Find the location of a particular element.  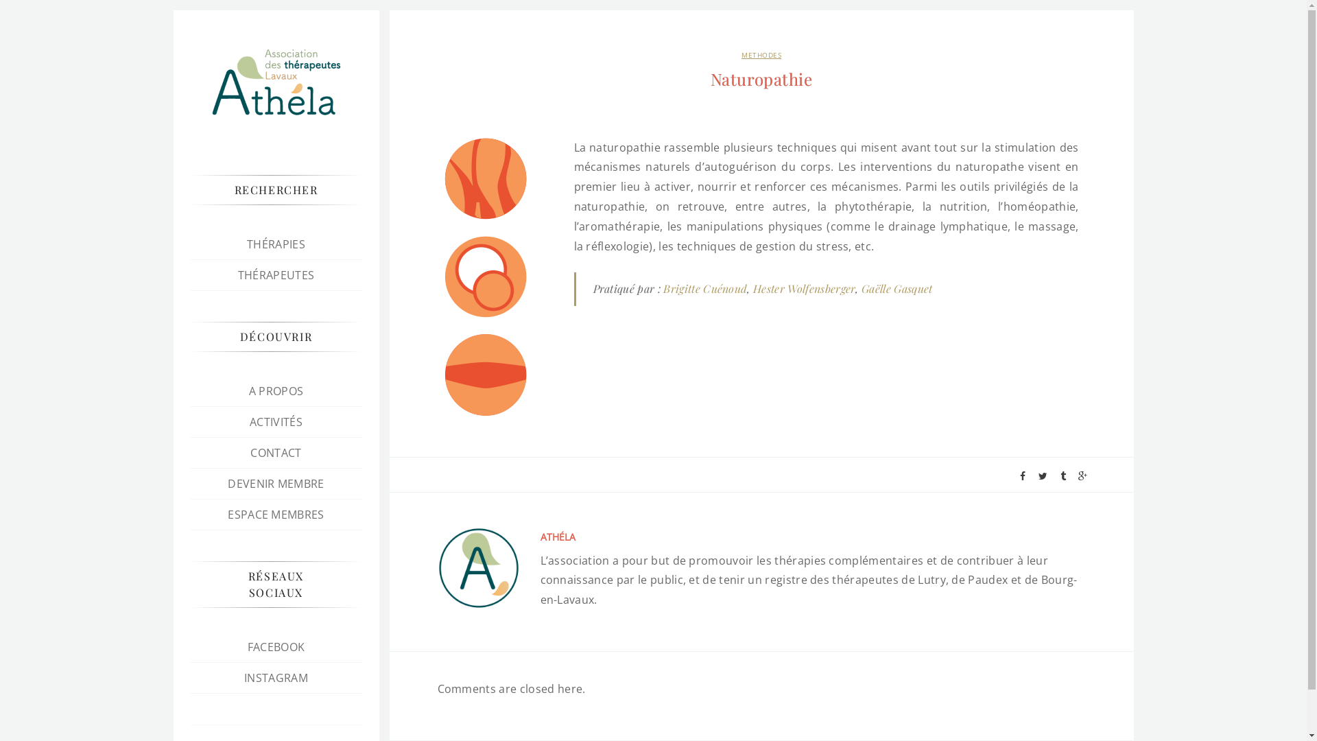

'Plantes' is located at coordinates (486, 178).